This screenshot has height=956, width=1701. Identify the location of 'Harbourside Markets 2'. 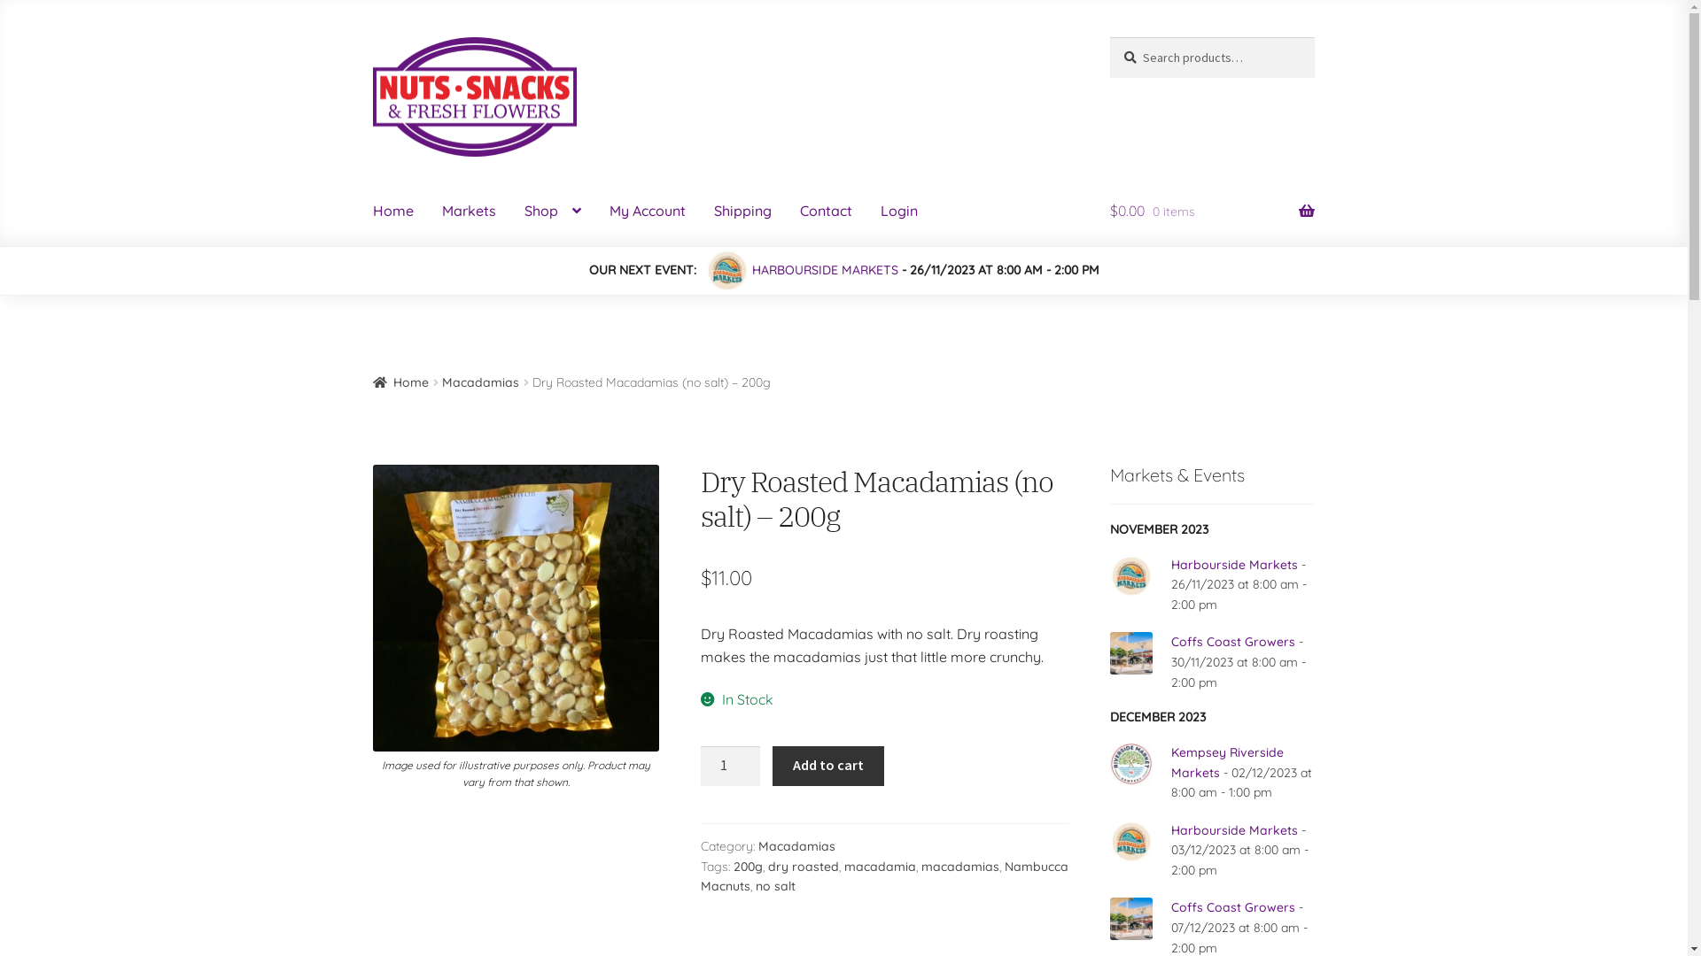
(1108, 576).